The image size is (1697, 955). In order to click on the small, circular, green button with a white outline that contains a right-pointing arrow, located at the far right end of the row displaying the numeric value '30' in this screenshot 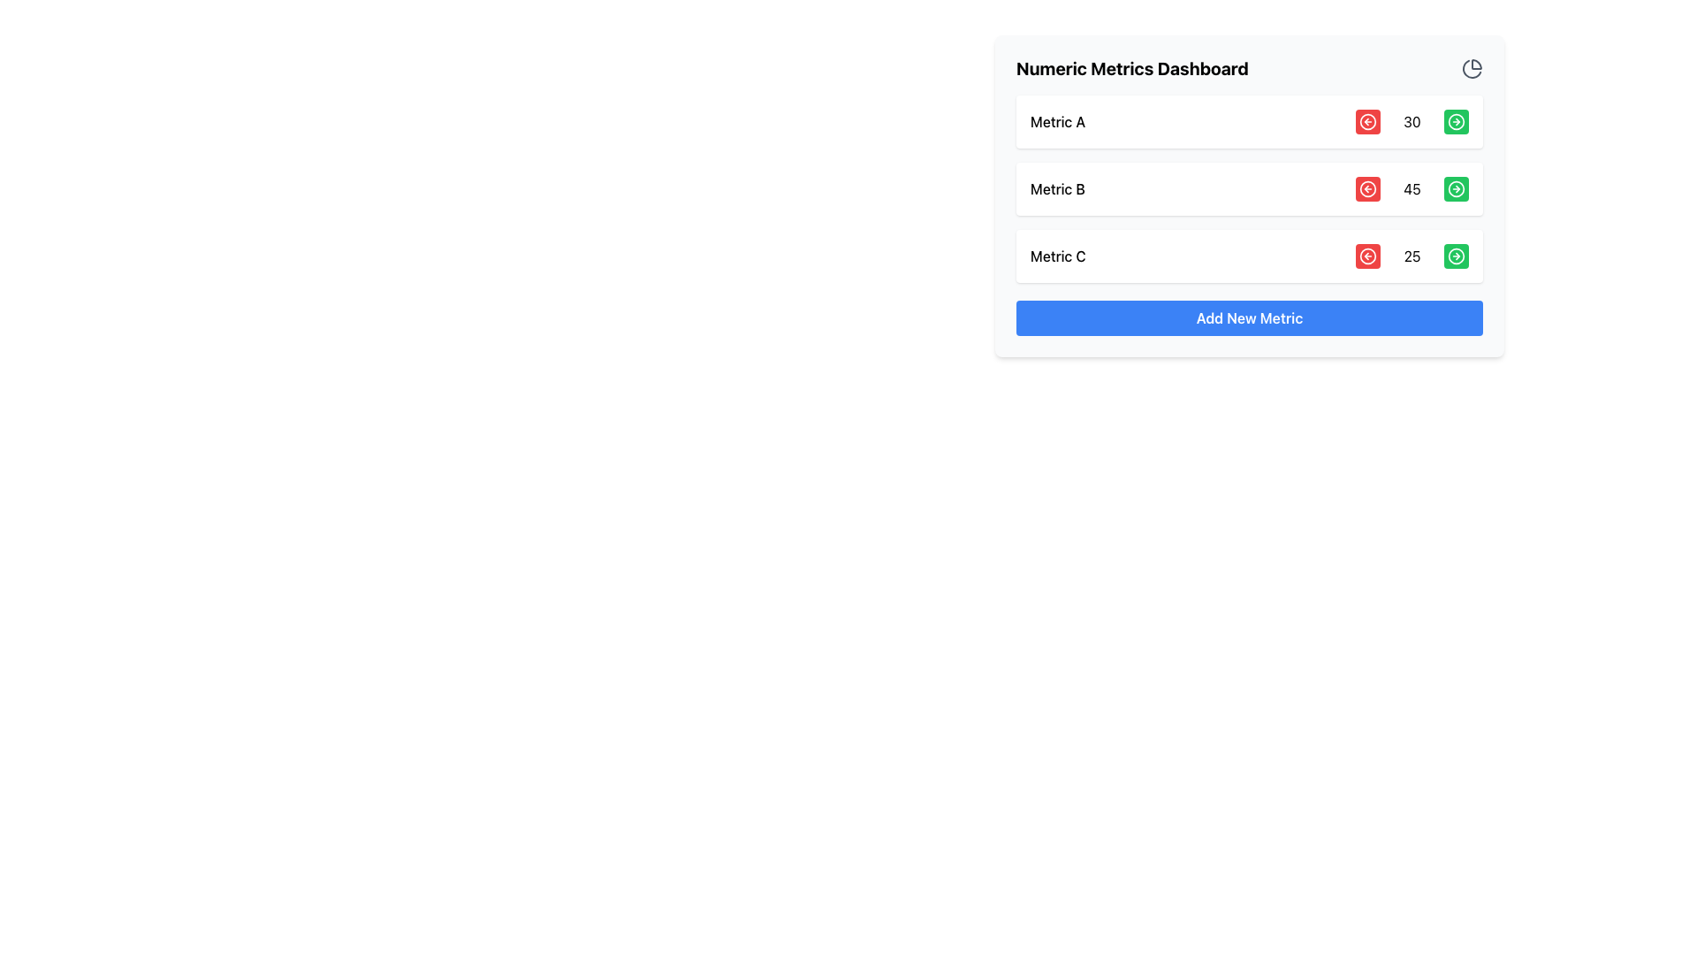, I will do `click(1456, 121)`.